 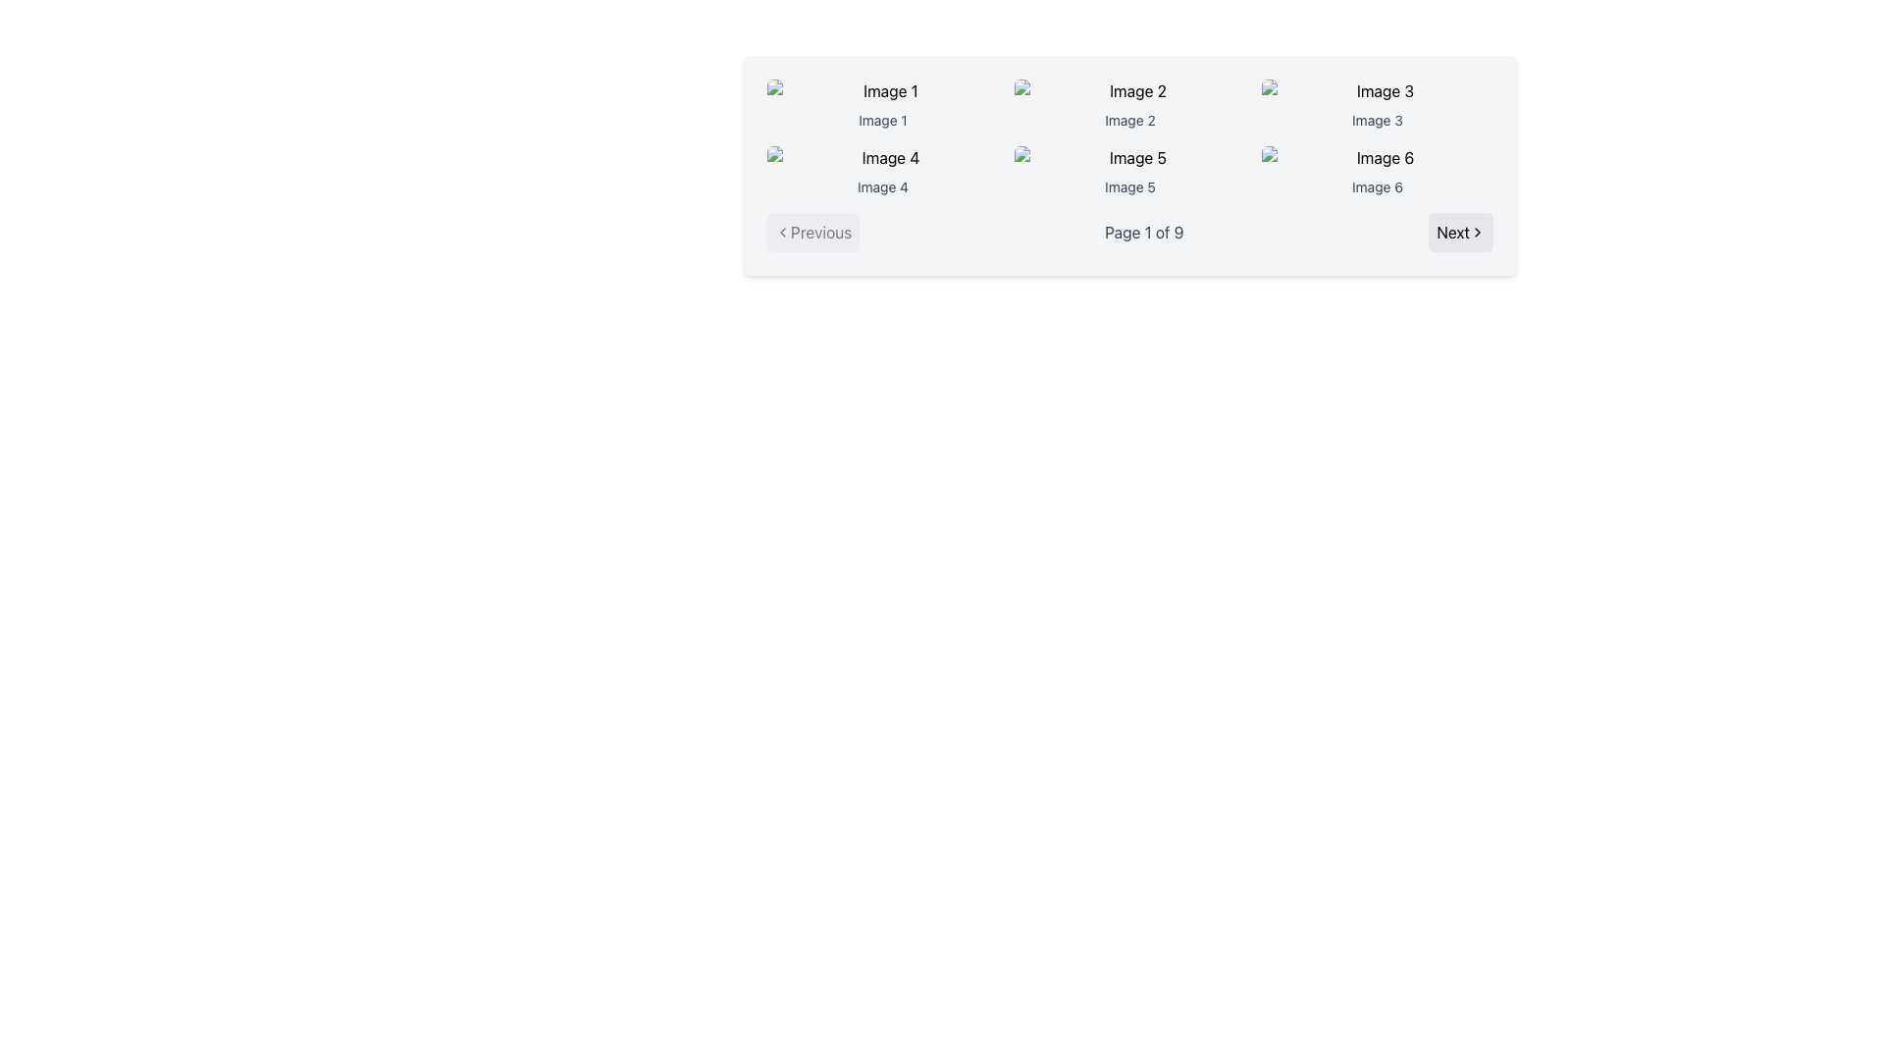 What do you see at coordinates (813, 231) in the screenshot?
I see `the 'Previous Page' button located in the pagination bar on the left side of the interface before the 'Page 1 of 9' text` at bounding box center [813, 231].